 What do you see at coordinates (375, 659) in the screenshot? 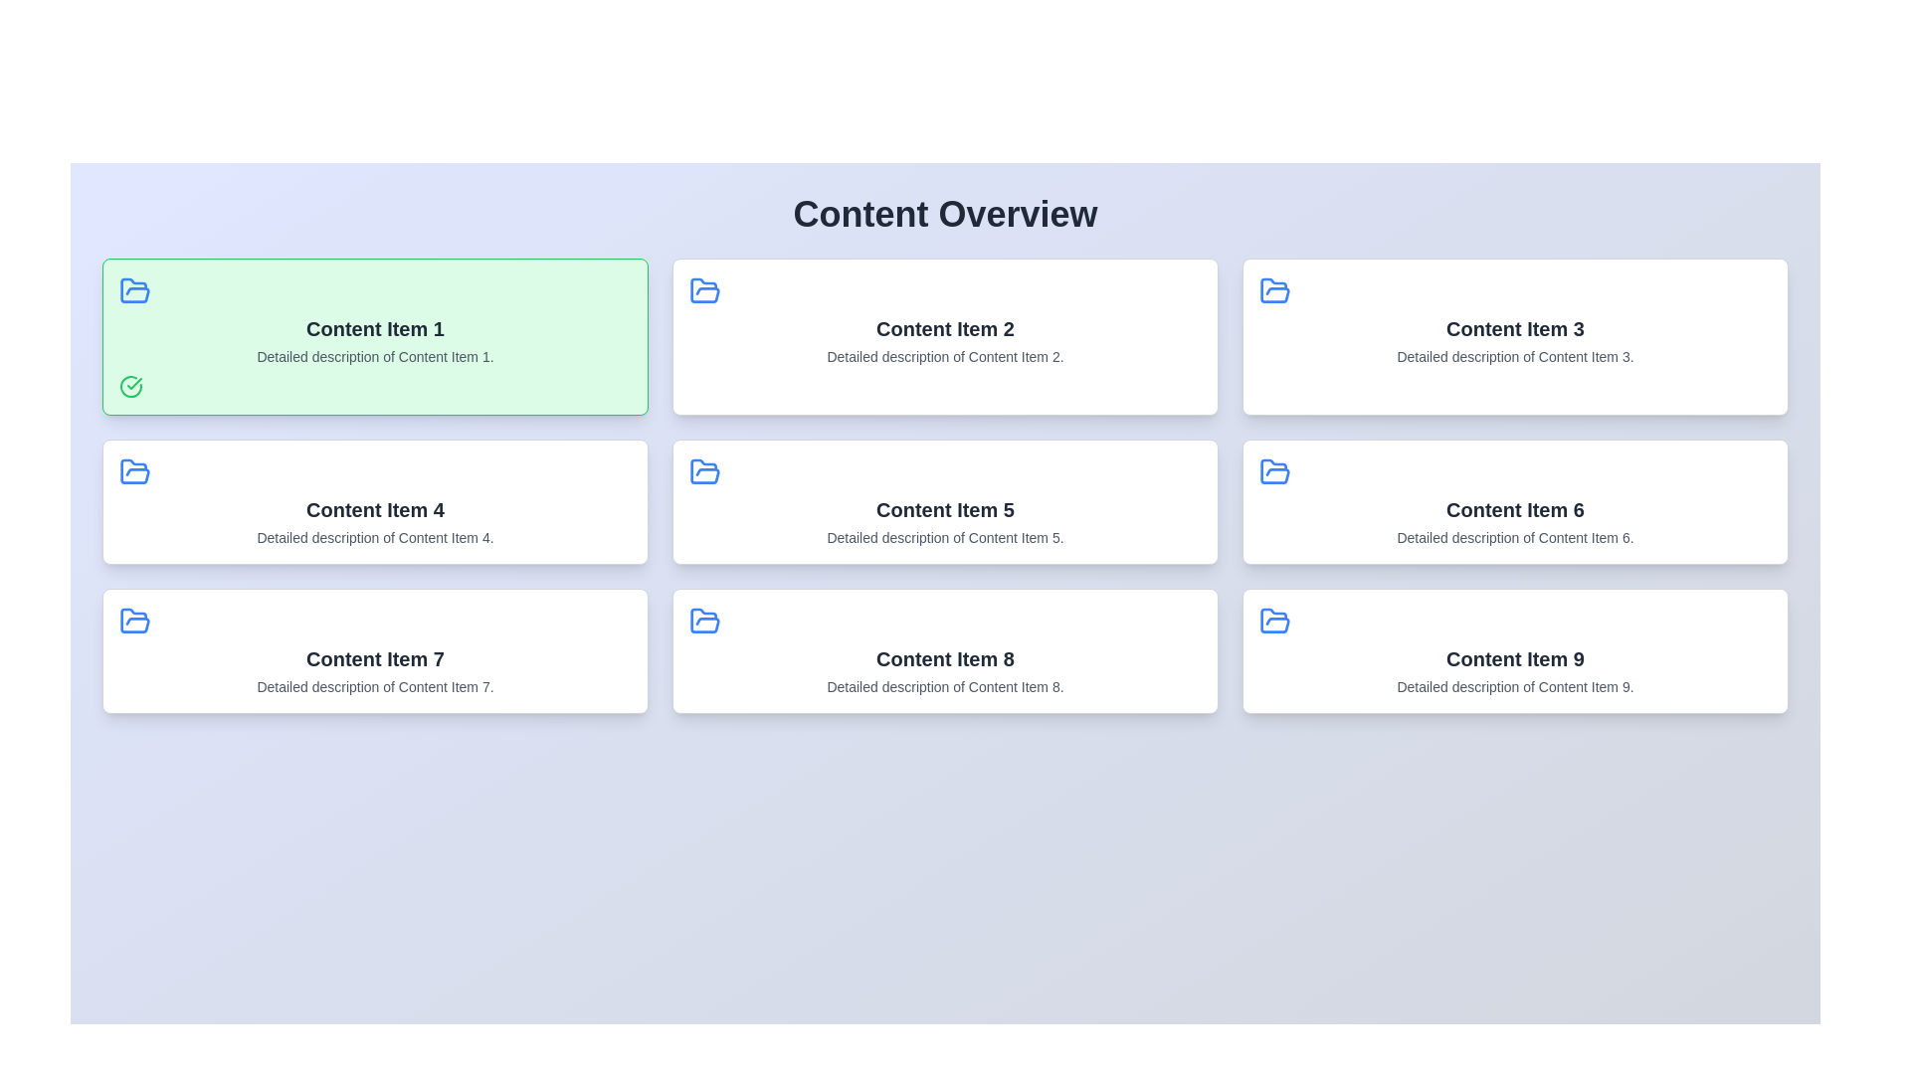
I see `the Text Label, which serves as the title or heading of the card located in the bottom-left corner of the grid layout, specifically the leftmost card in the third row, positioned between the blue folder icon above and the descriptive text below` at bounding box center [375, 659].